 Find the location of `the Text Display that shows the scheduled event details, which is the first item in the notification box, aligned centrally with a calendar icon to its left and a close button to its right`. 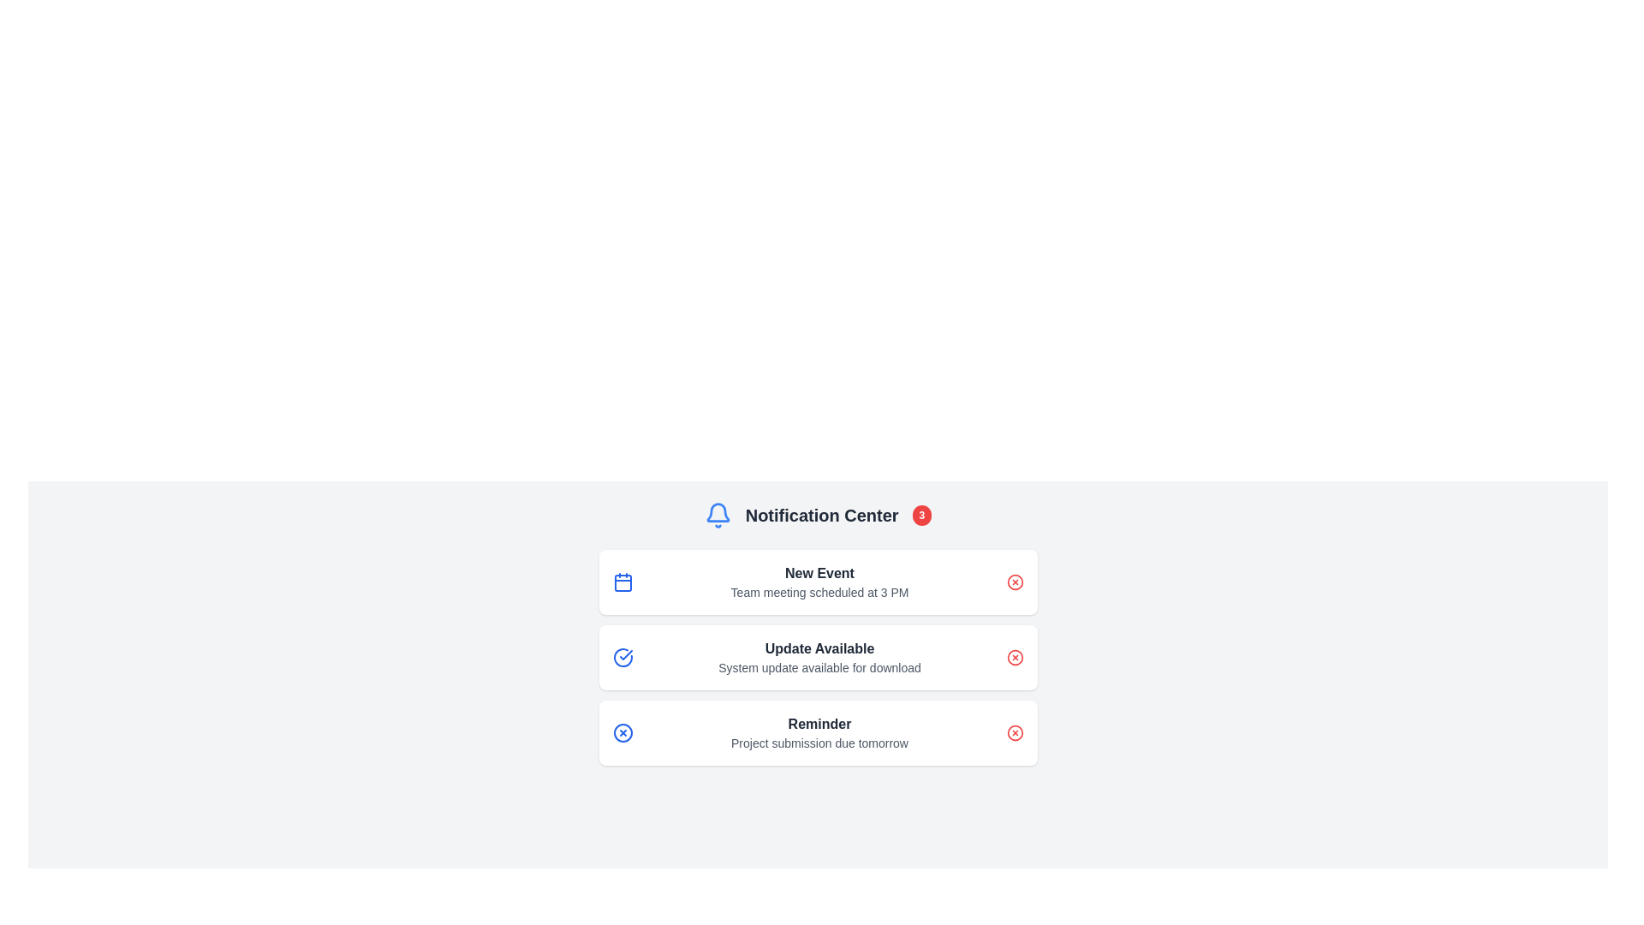

the Text Display that shows the scheduled event details, which is the first item in the notification box, aligned centrally with a calendar icon to its left and a close button to its right is located at coordinates (819, 581).